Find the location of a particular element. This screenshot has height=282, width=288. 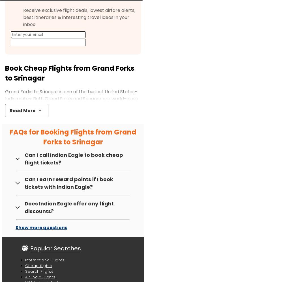

'Can I call Indian Eagle to book cheap flight tickets?' is located at coordinates (25, 158).